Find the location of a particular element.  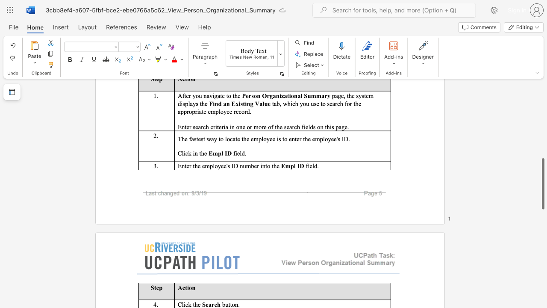

the subset text "ick" within the text "Click the" is located at coordinates (183, 304).